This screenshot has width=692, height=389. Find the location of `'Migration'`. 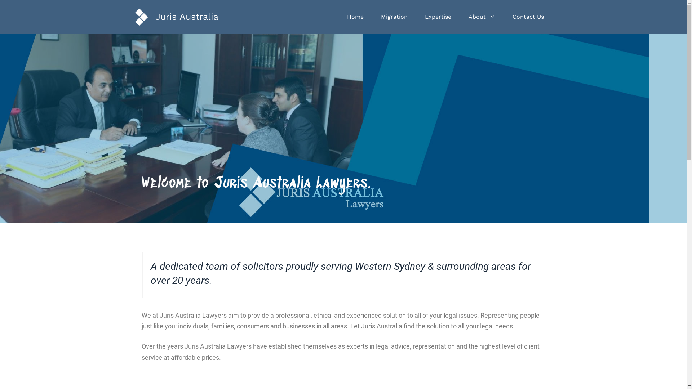

'Migration' is located at coordinates (372, 16).